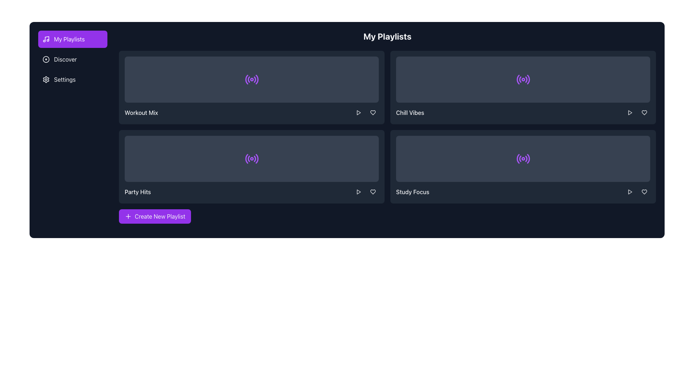 The width and height of the screenshot is (692, 389). What do you see at coordinates (249, 158) in the screenshot?
I see `the second arc component of the circular design within the navigation menu icon on the left side of the UI interface` at bounding box center [249, 158].